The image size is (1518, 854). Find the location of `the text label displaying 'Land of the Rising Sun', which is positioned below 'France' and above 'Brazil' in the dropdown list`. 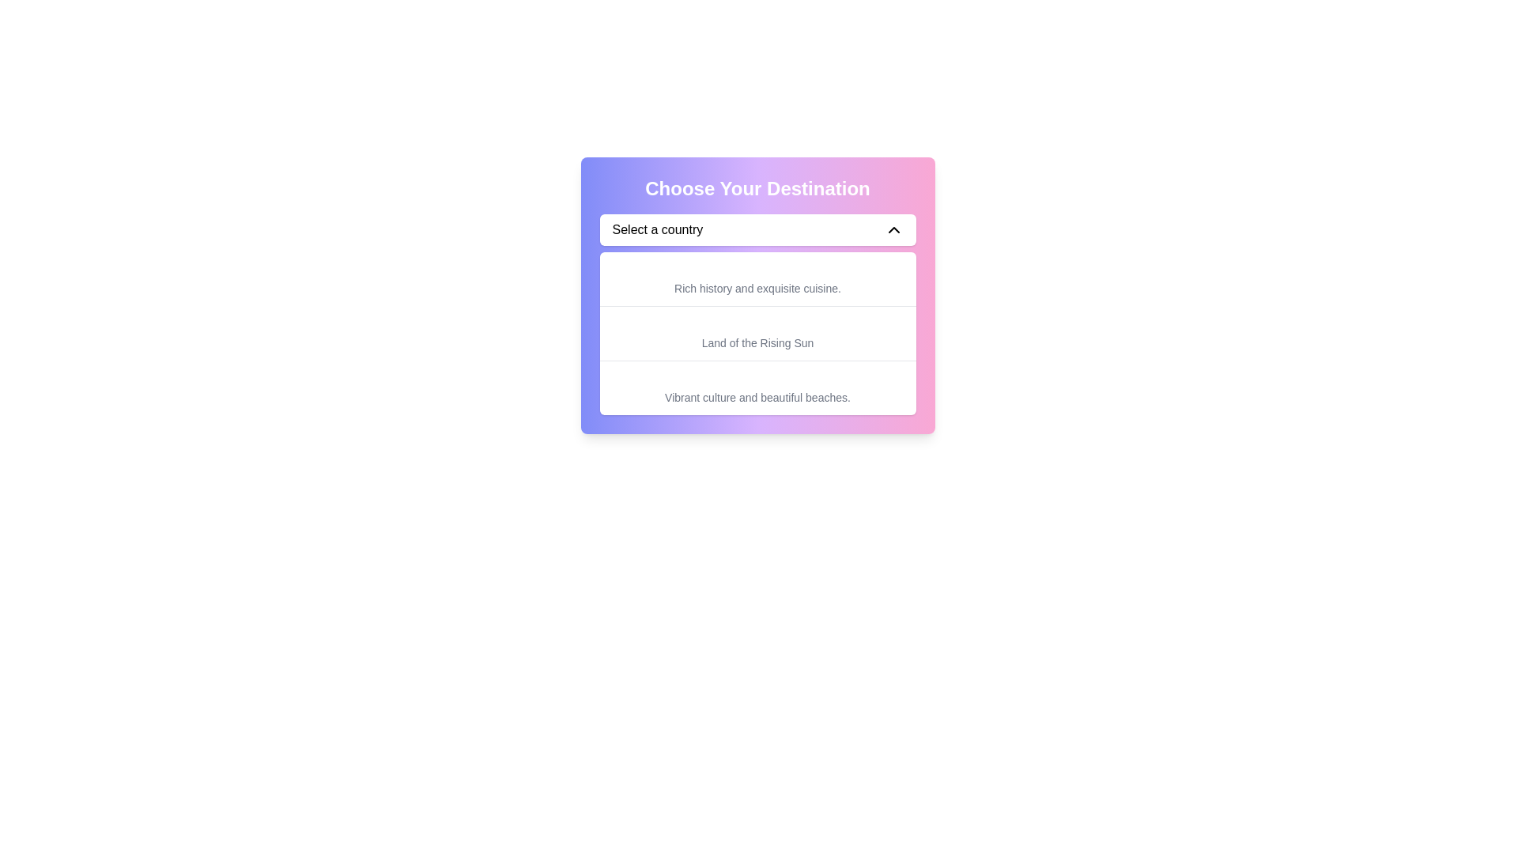

the text label displaying 'Land of the Rising Sun', which is positioned below 'France' and above 'Brazil' in the dropdown list is located at coordinates (757, 332).